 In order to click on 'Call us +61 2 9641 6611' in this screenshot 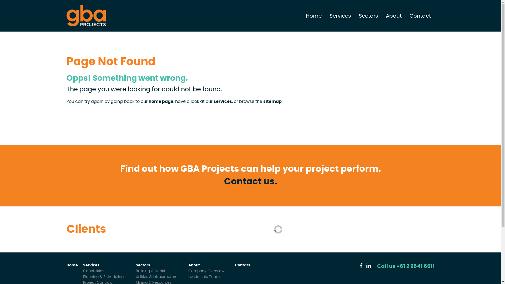, I will do `click(406, 266)`.